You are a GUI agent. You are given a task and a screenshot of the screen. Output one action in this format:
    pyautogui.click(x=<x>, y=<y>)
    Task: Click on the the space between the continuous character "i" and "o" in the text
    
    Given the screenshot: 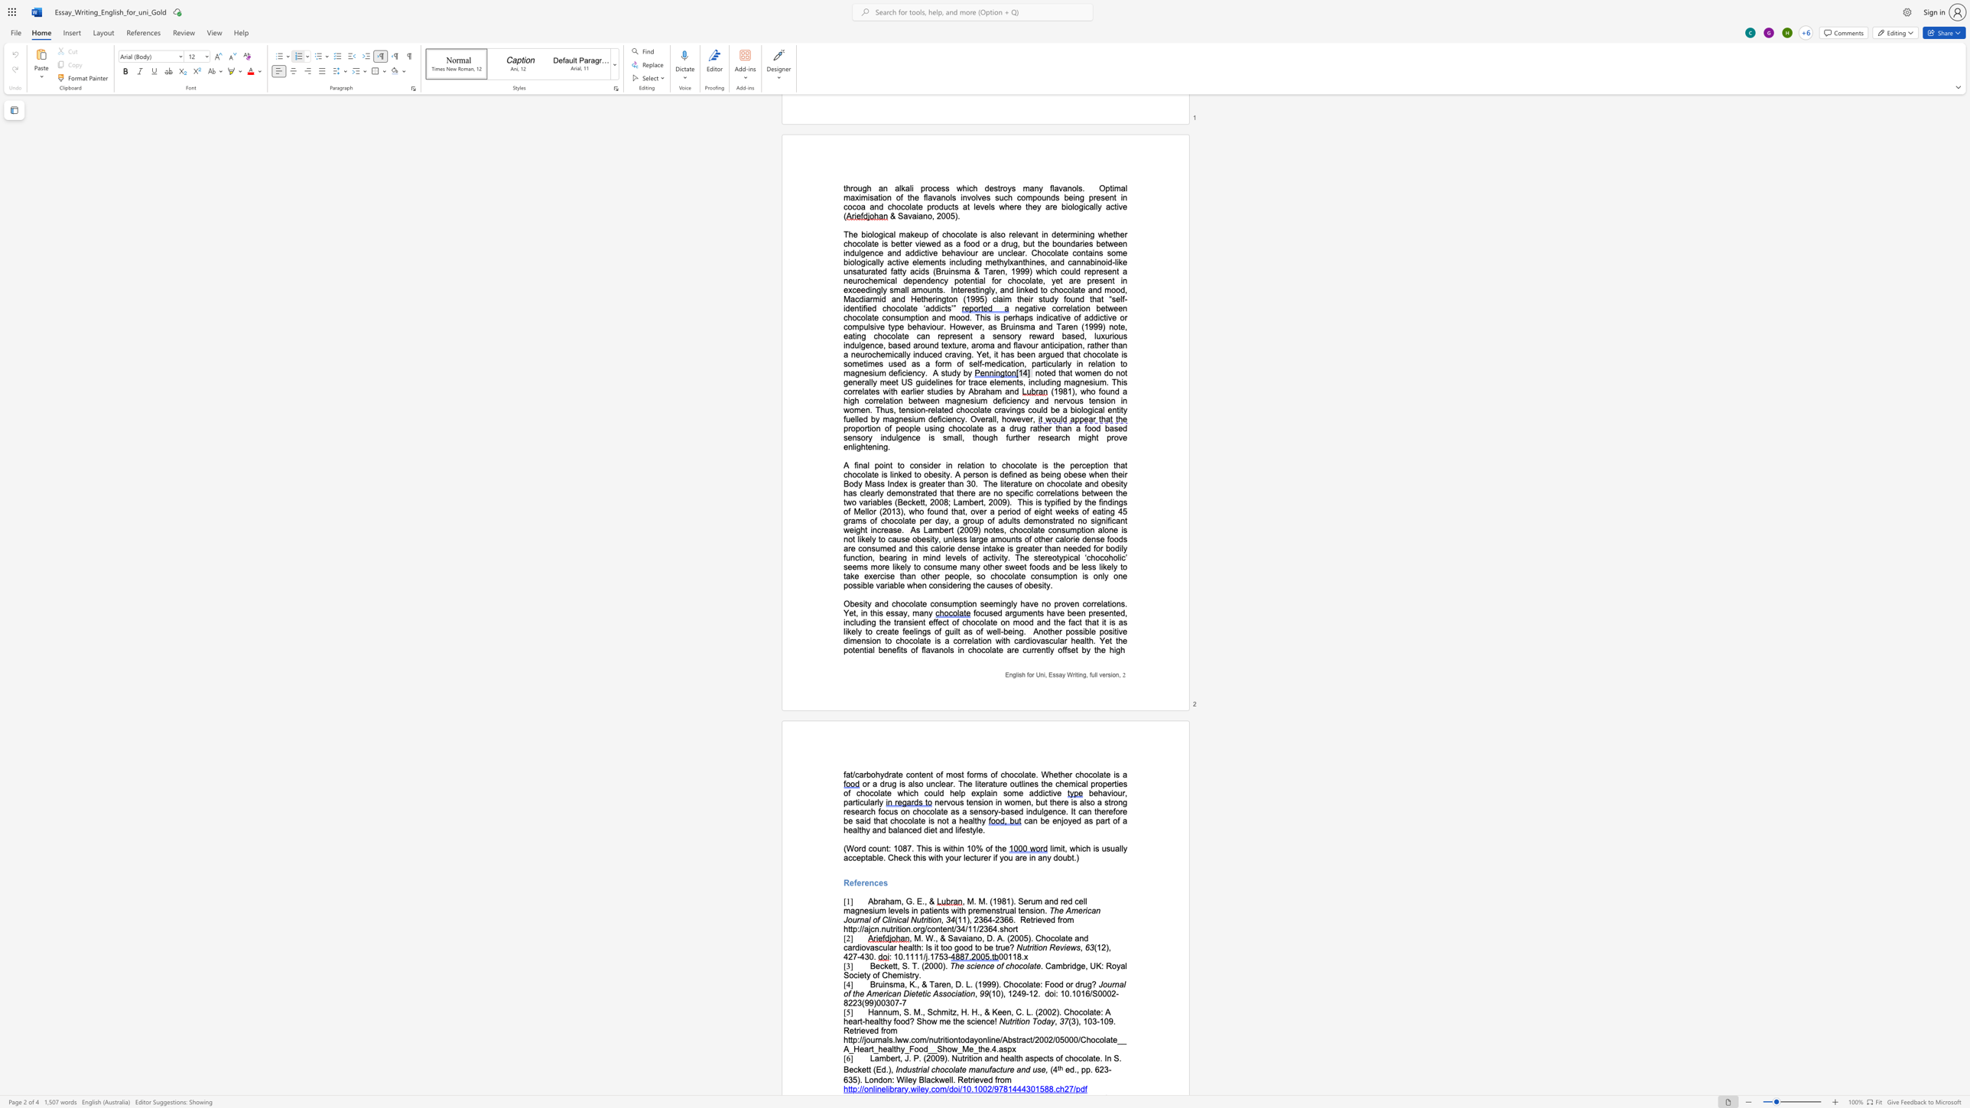 What is the action you would take?
    pyautogui.click(x=862, y=947)
    